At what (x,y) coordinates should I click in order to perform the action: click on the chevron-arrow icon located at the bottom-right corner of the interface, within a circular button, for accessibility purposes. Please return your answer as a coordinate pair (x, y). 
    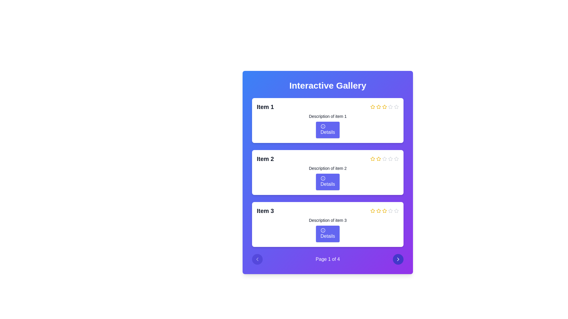
    Looking at the image, I should click on (398, 259).